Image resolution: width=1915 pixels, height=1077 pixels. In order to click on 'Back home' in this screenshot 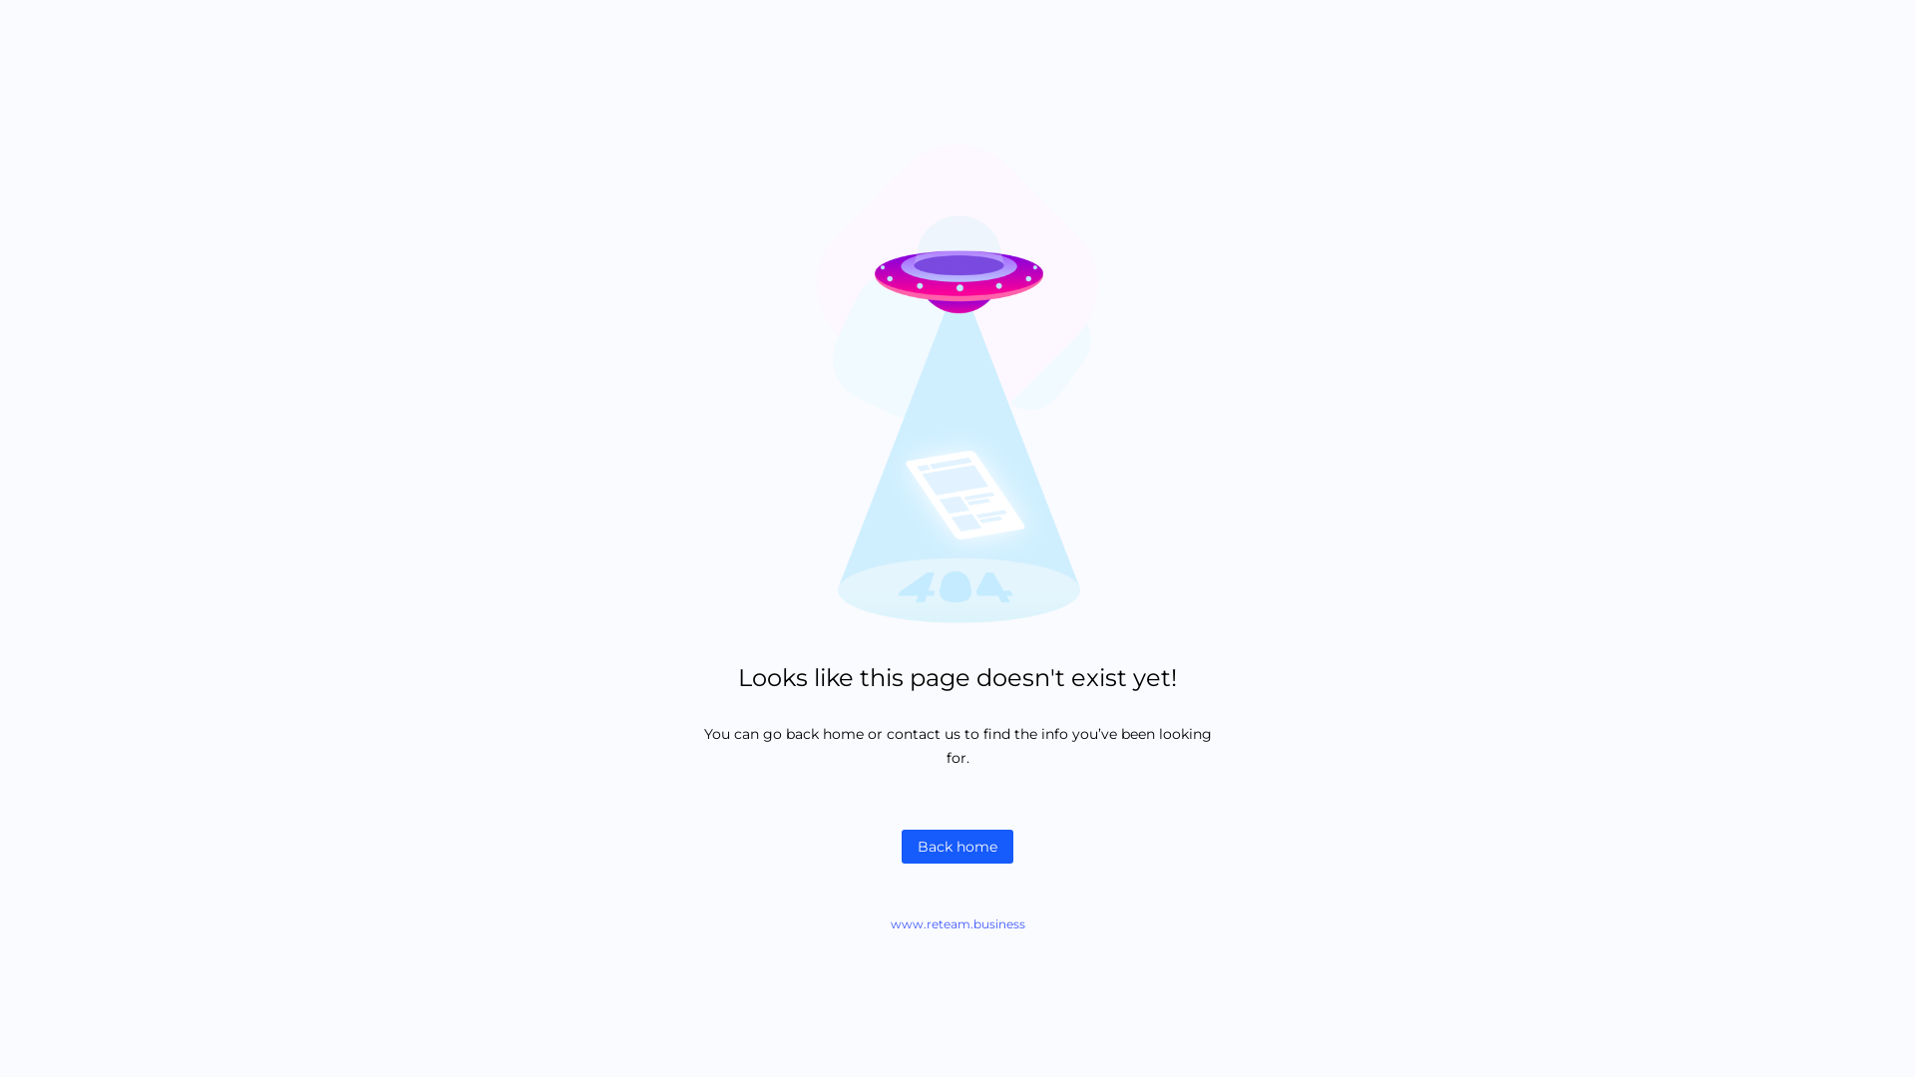, I will do `click(957, 846)`.